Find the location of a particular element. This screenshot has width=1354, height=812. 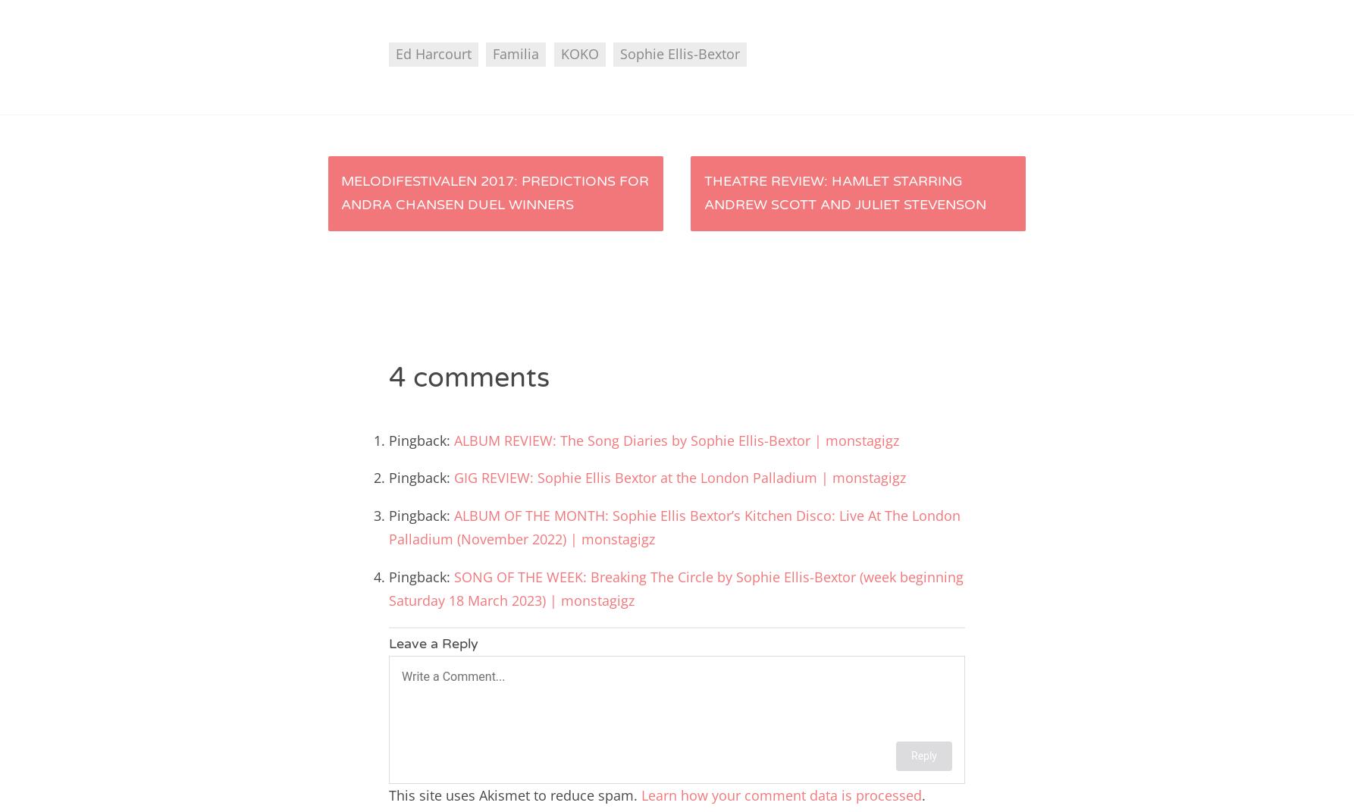

'Sophie Ellis-Bextor' is located at coordinates (619, 53).